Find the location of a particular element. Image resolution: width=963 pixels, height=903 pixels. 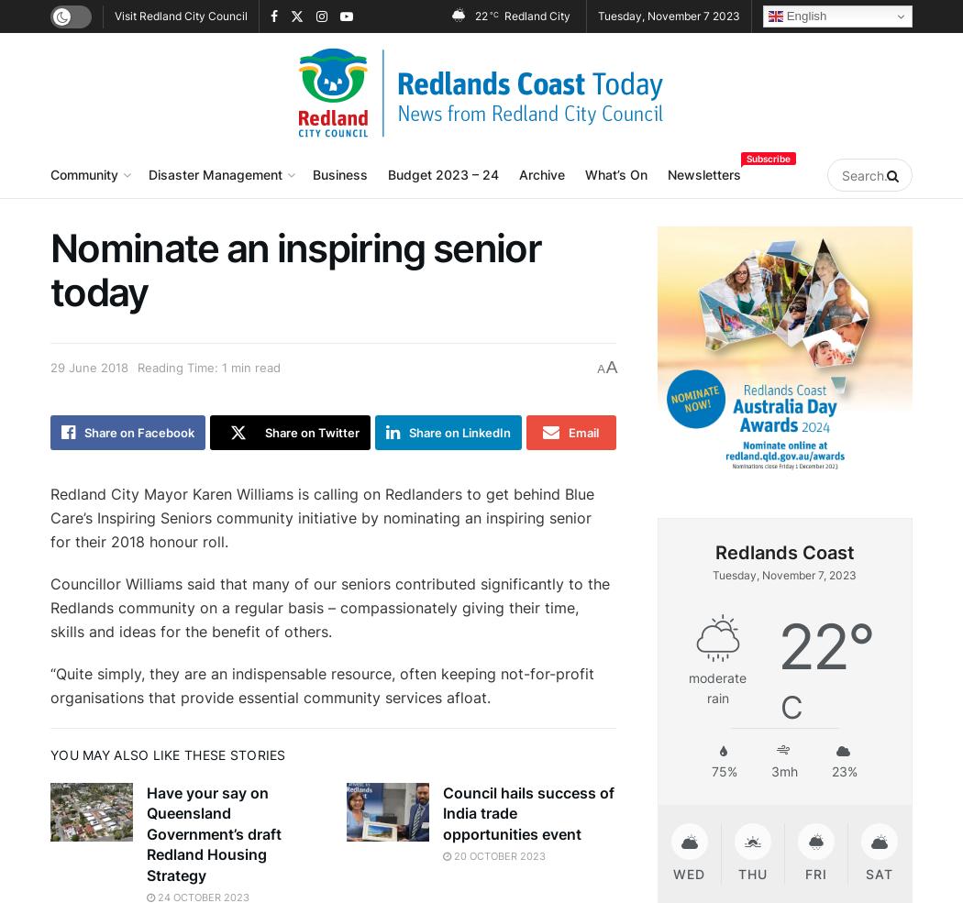

'23%' is located at coordinates (844, 769).